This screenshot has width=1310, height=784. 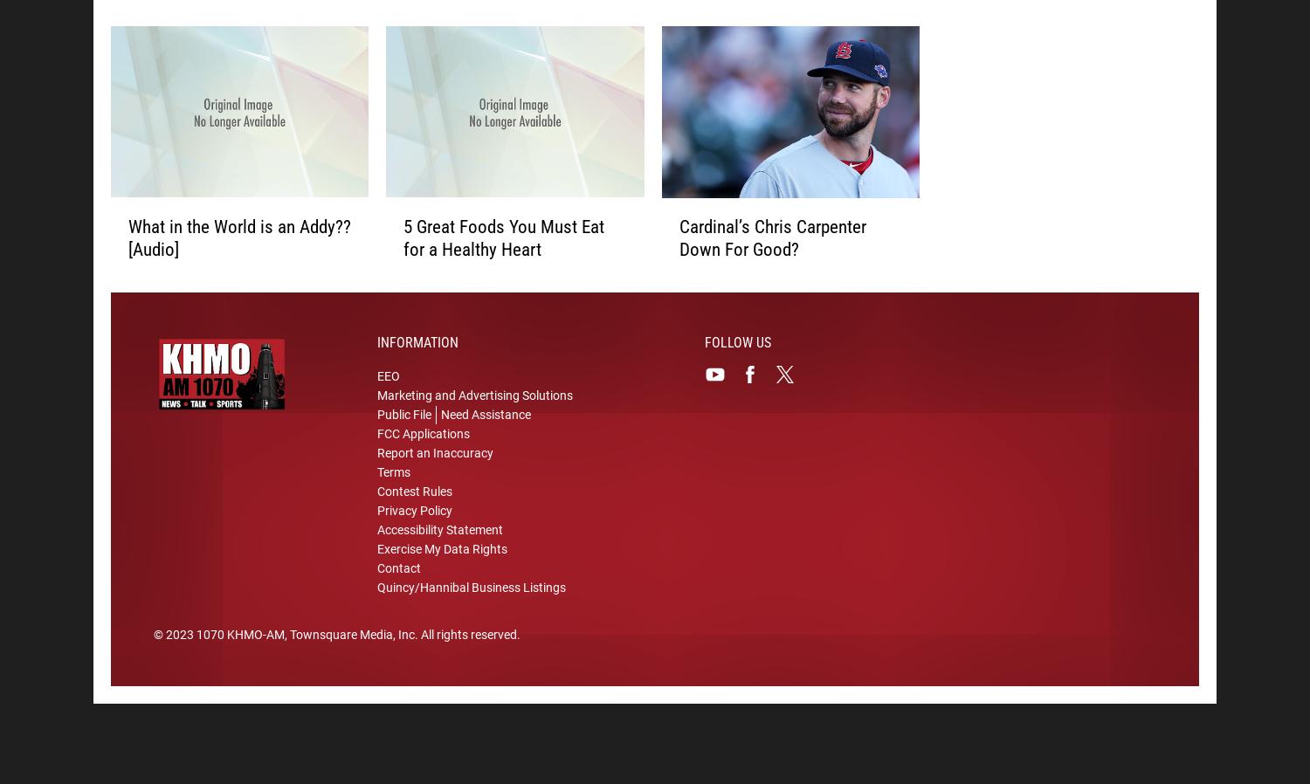 I want to click on 'Contact', so click(x=398, y=570).